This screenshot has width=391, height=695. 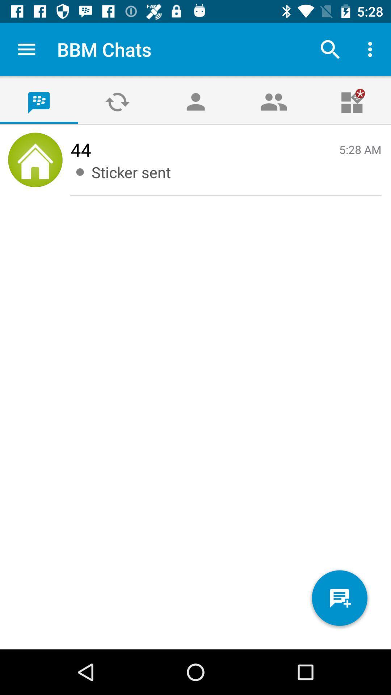 What do you see at coordinates (274, 101) in the screenshot?
I see `the group icon` at bounding box center [274, 101].